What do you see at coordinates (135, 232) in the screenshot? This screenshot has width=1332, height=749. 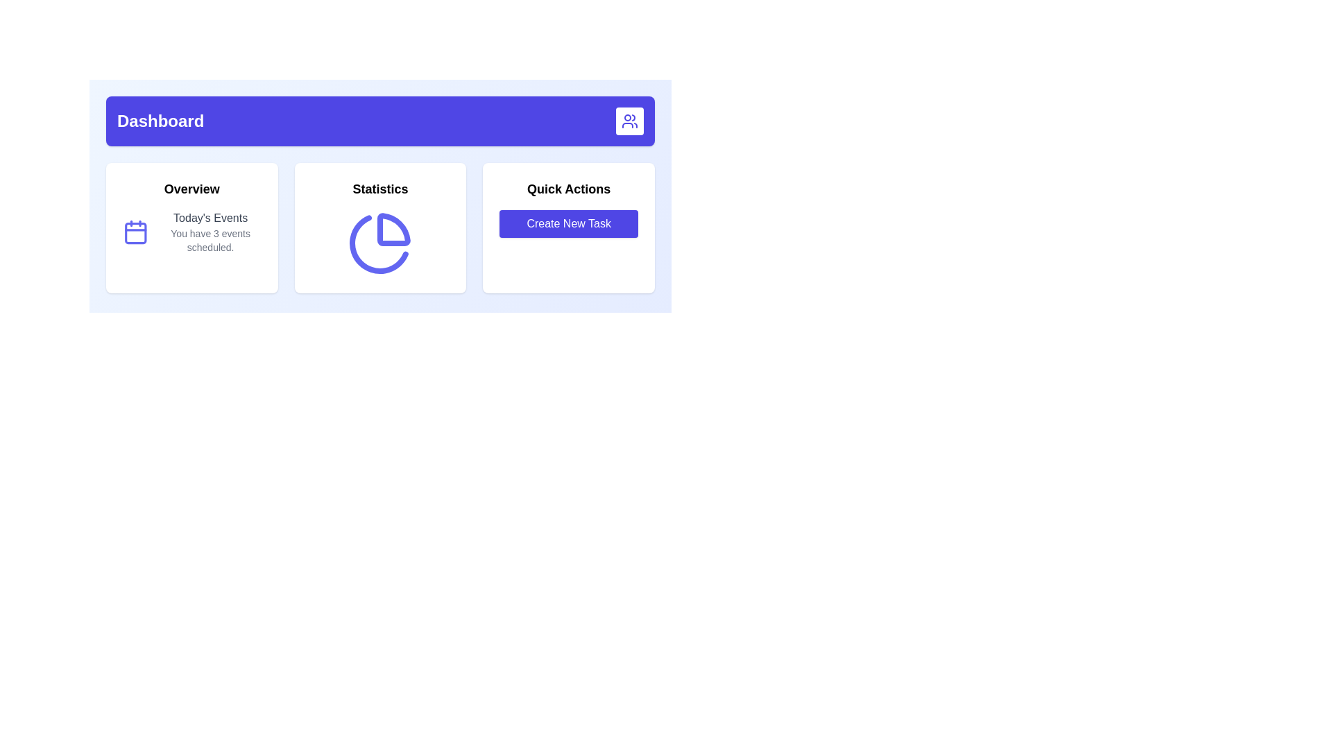 I see `the vivid purple rectangle that is part of the calendar icon located under the 'Overview' title on the dashboard interface` at bounding box center [135, 232].